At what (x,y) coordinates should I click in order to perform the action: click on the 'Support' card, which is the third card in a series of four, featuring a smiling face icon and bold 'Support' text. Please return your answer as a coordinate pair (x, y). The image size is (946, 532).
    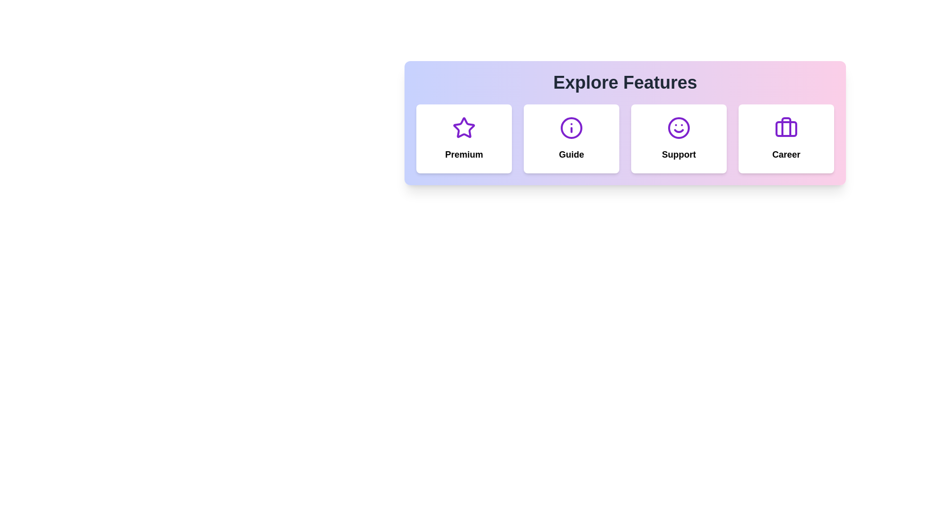
    Looking at the image, I should click on (678, 138).